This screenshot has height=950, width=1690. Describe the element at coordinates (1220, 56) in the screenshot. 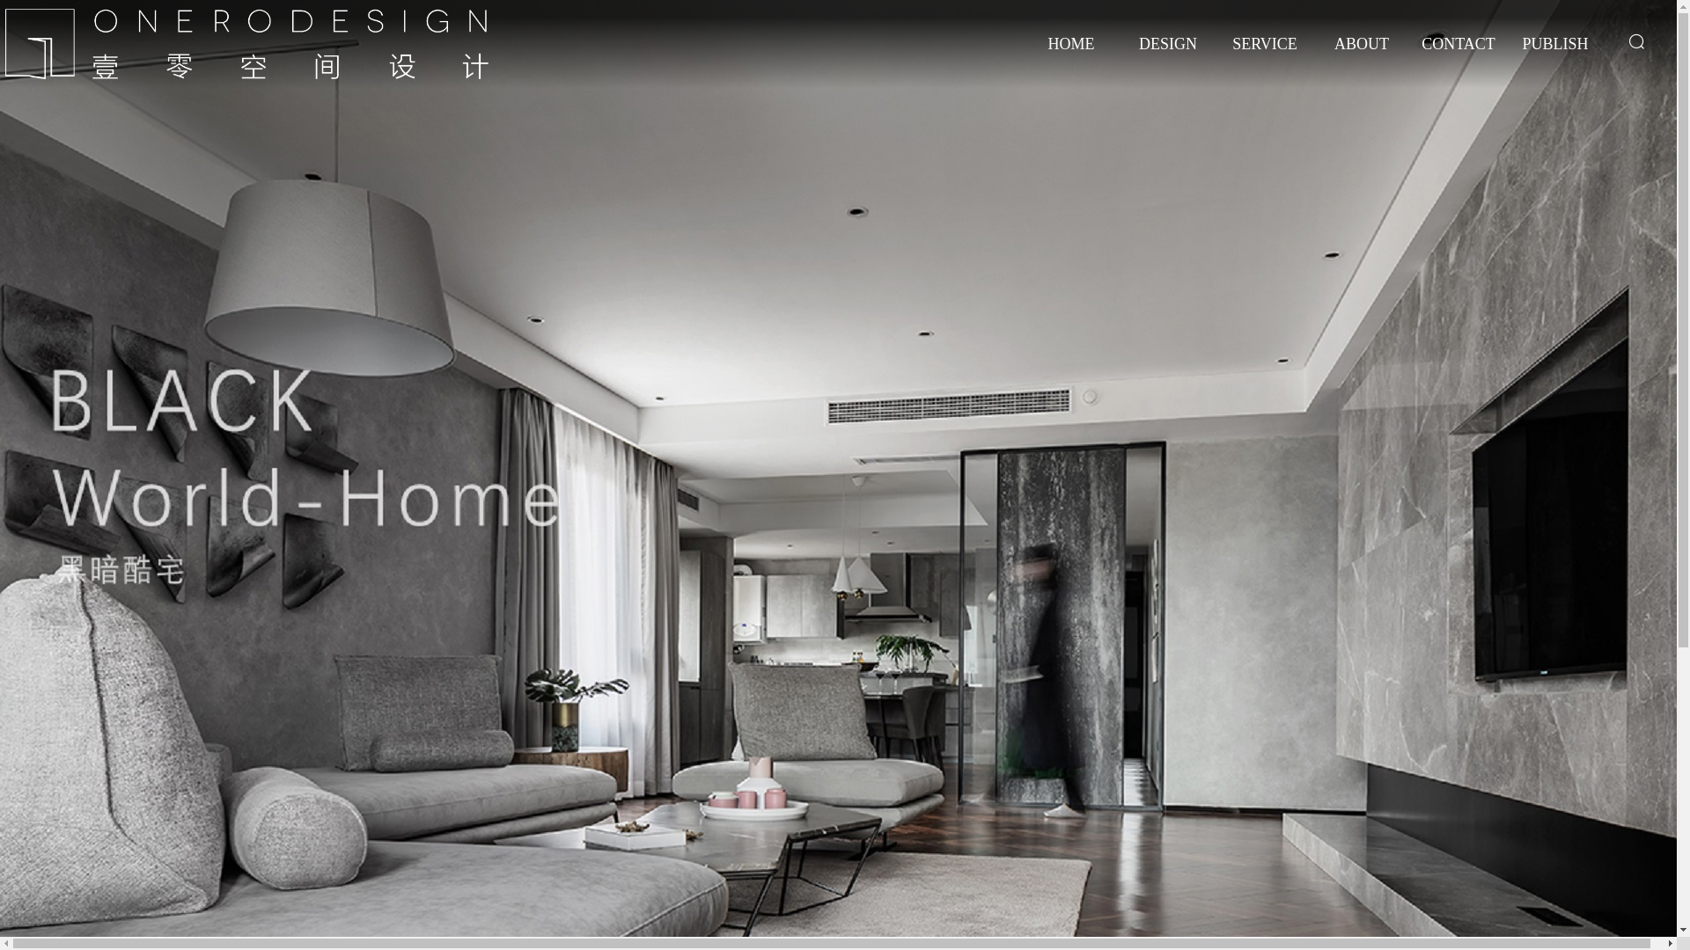

I see `'SERVICE'` at that location.